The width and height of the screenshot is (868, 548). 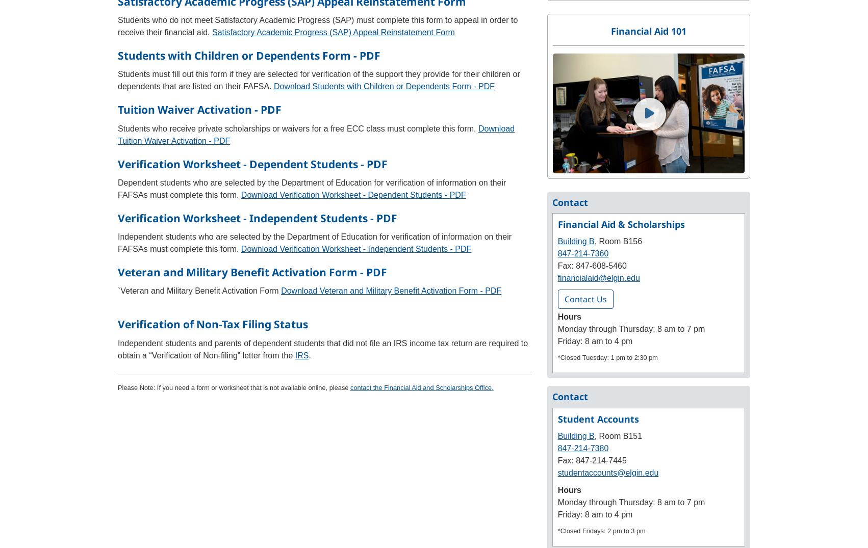 I want to click on 'Download Students with Children or Dependents Form - PDF', so click(x=383, y=86).